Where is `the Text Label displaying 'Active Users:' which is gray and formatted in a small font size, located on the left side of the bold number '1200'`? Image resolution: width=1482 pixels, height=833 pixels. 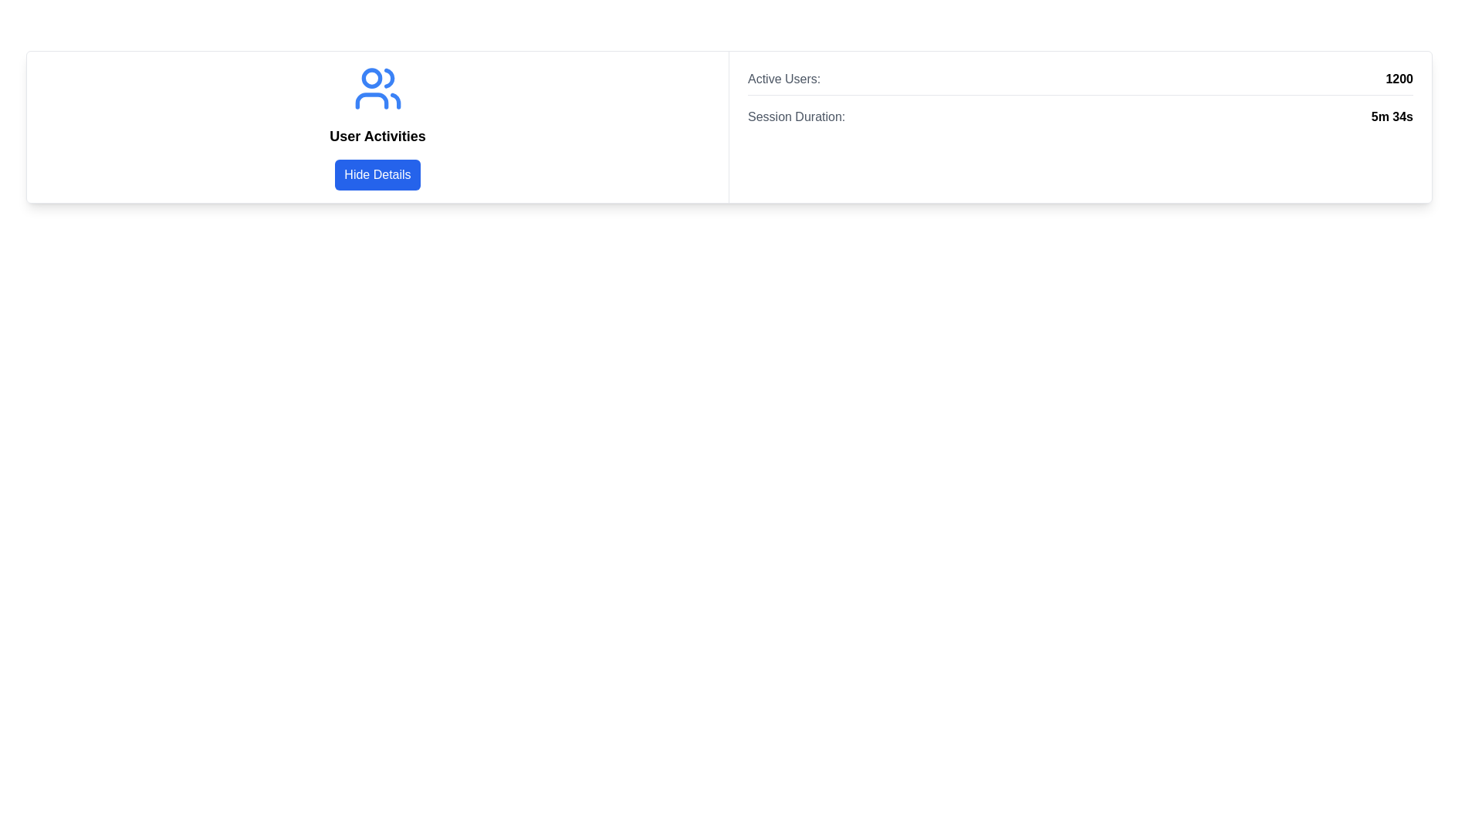
the Text Label displaying 'Active Users:' which is gray and formatted in a small font size, located on the left side of the bold number '1200' is located at coordinates (784, 79).